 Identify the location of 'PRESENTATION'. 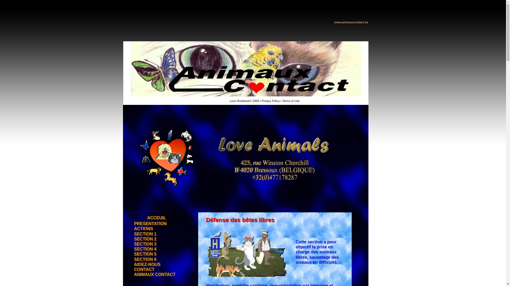
(150, 224).